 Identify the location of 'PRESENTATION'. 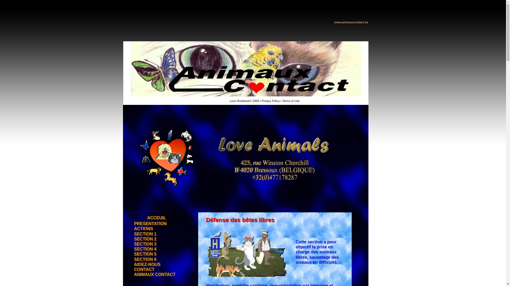
(150, 224).